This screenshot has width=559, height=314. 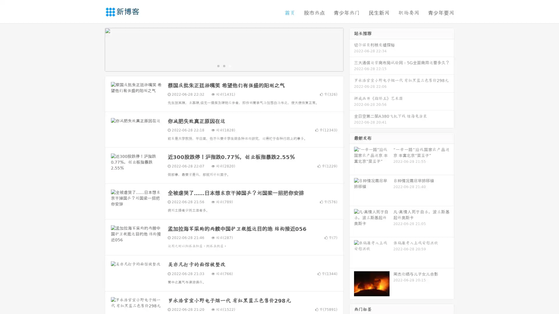 I want to click on Go to slide 2, so click(x=224, y=65).